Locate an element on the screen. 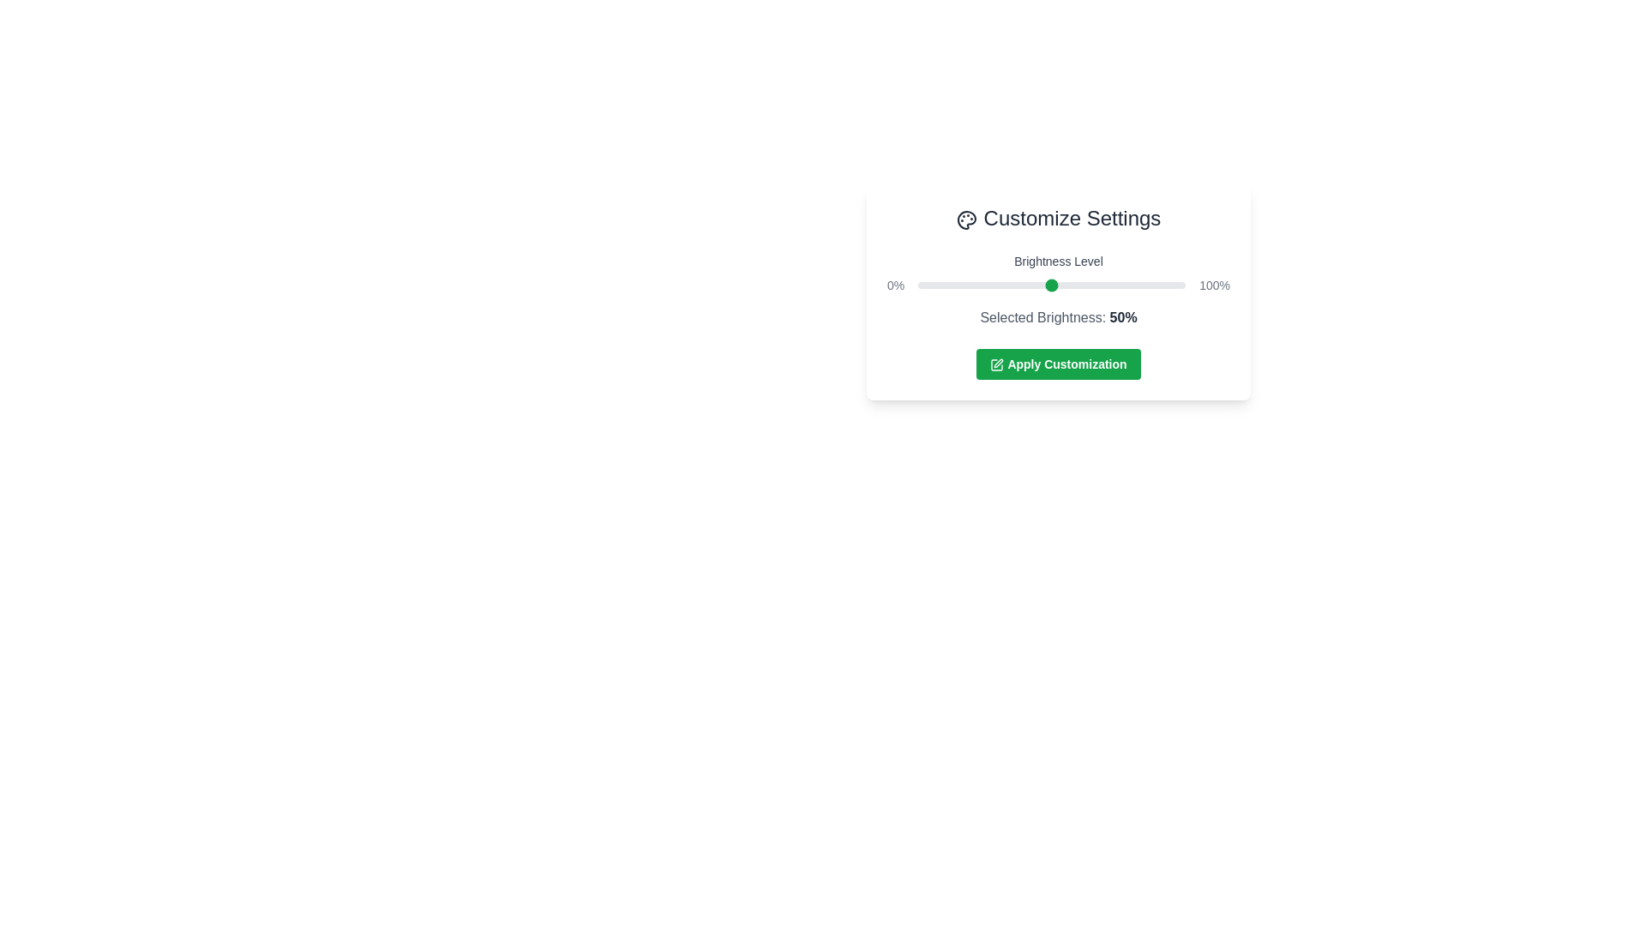 This screenshot has height=926, width=1646. brightness level is located at coordinates (1035, 284).